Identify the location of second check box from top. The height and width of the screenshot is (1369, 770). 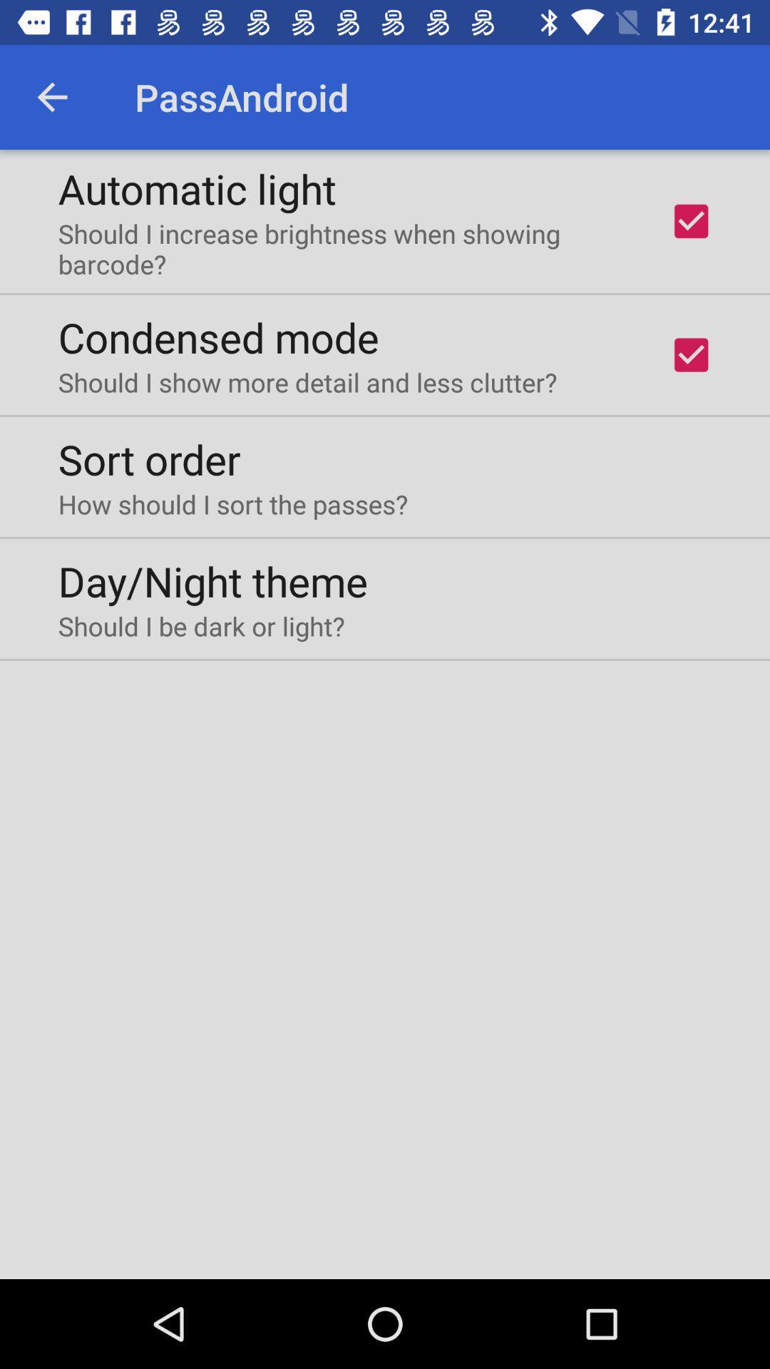
(690, 355).